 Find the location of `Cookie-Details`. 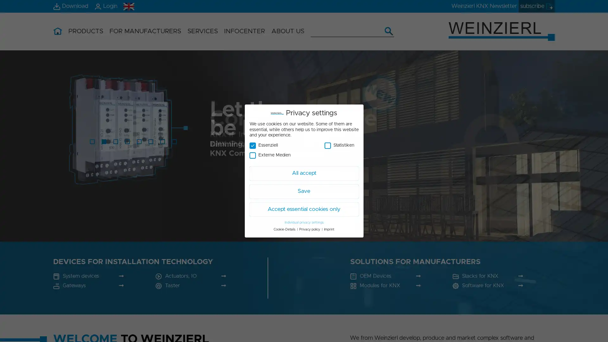

Cookie-Details is located at coordinates (284, 230).